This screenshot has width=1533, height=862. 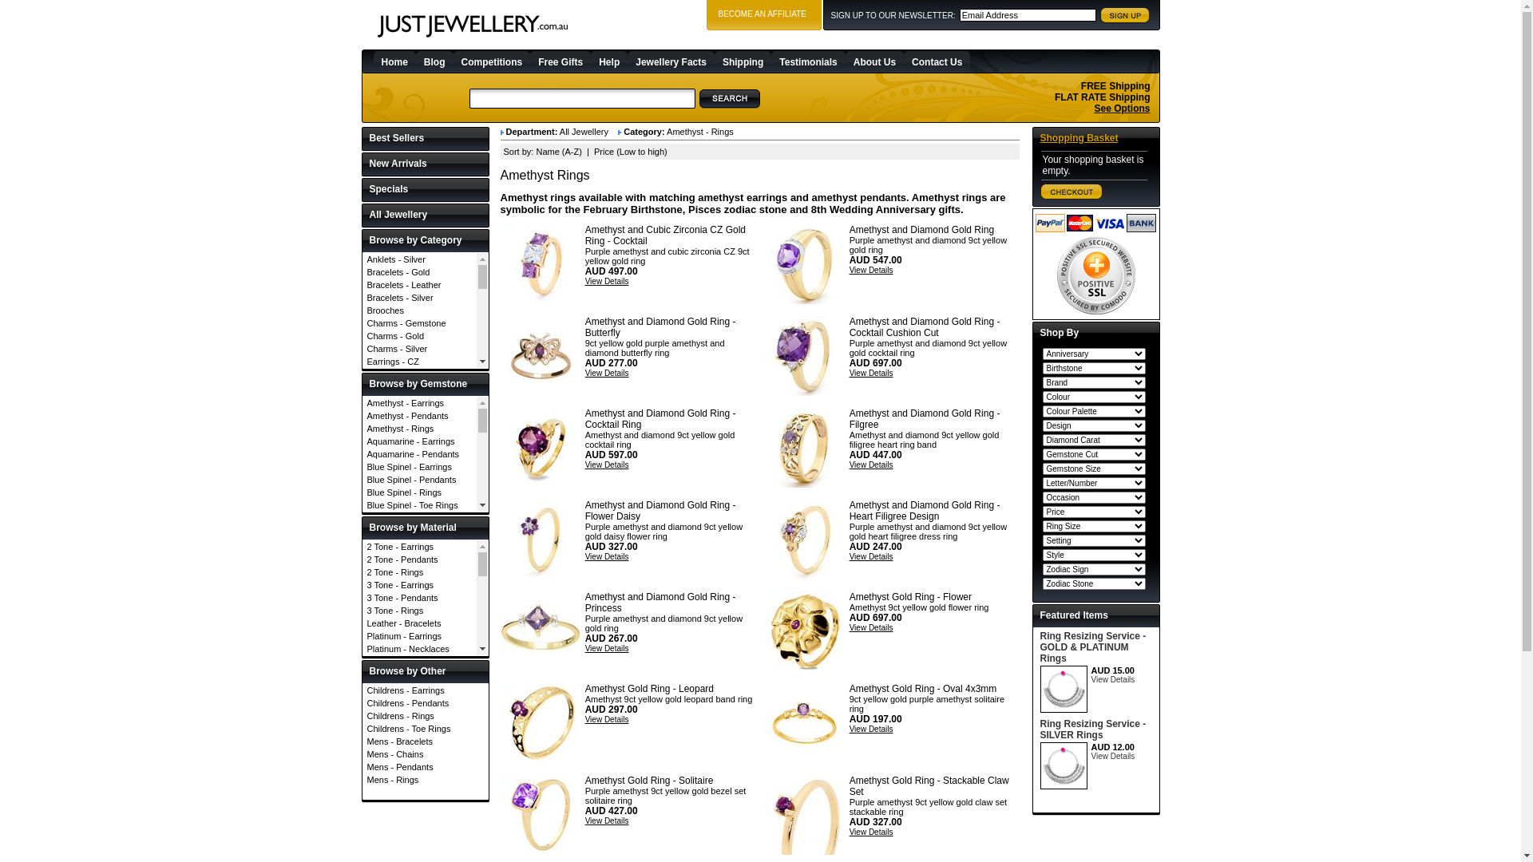 What do you see at coordinates (362, 610) in the screenshot?
I see `'3 Tone - Rings'` at bounding box center [362, 610].